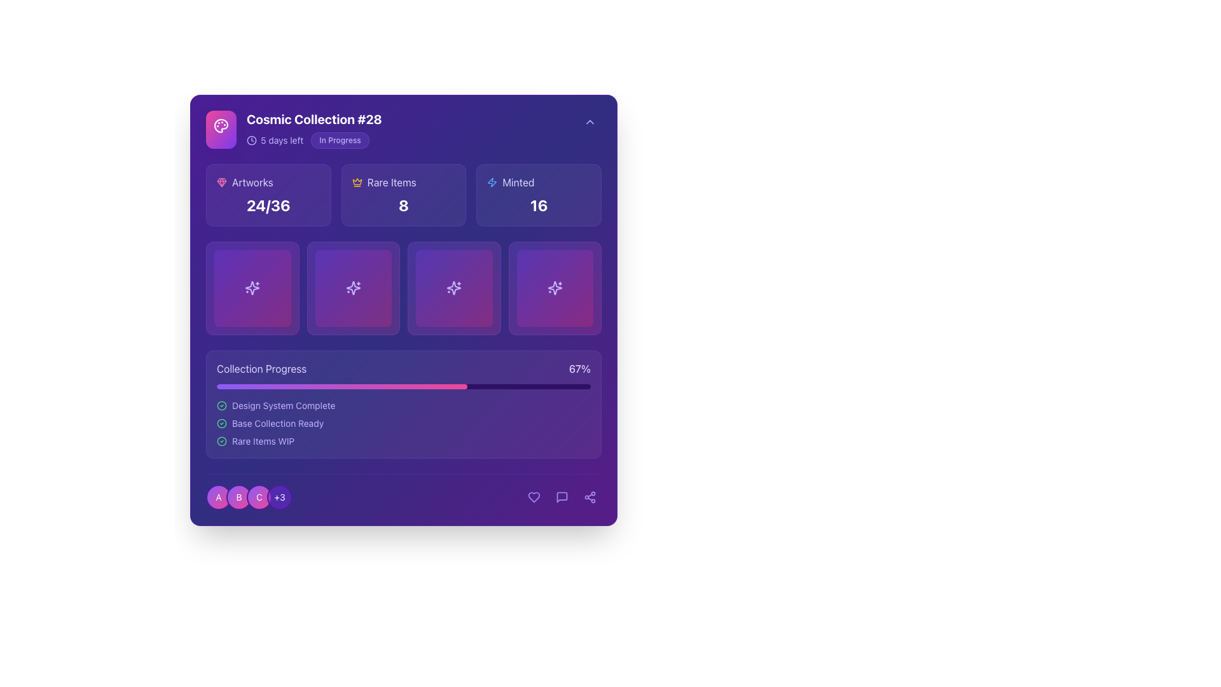 Image resolution: width=1221 pixels, height=687 pixels. I want to click on the interactive button with rounded corners, gradient background from violet to pink, and a white sparkle icon at its center, located in the third position of a grid row, so click(454, 288).